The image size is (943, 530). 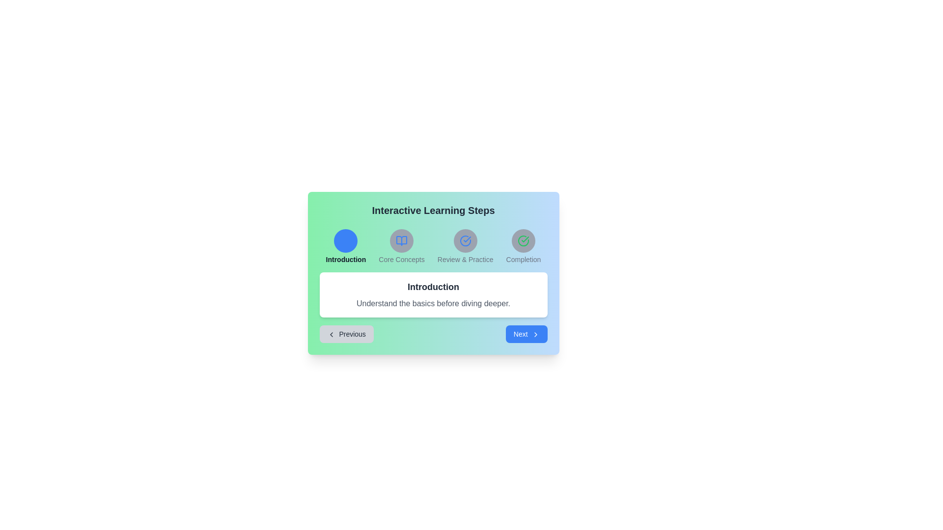 What do you see at coordinates (331, 334) in the screenshot?
I see `the left-pointing chevron icon located within the 'Previous' button at the bottom-left corner of the card interface` at bounding box center [331, 334].